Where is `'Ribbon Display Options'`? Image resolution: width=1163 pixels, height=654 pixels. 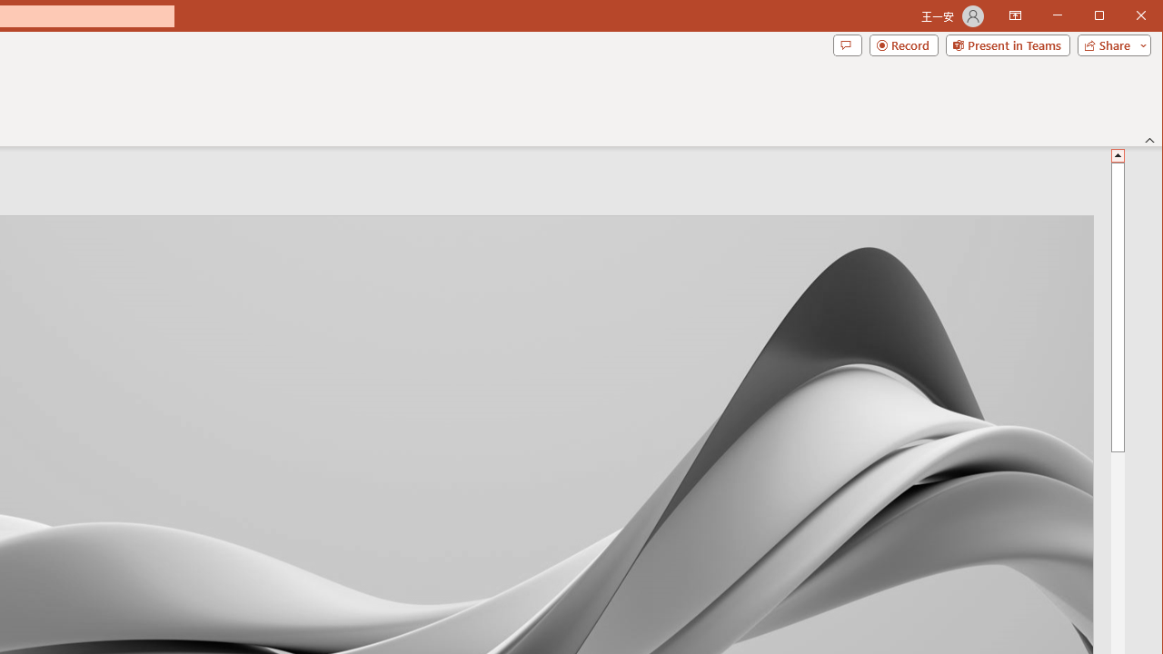 'Ribbon Display Options' is located at coordinates (1014, 16).